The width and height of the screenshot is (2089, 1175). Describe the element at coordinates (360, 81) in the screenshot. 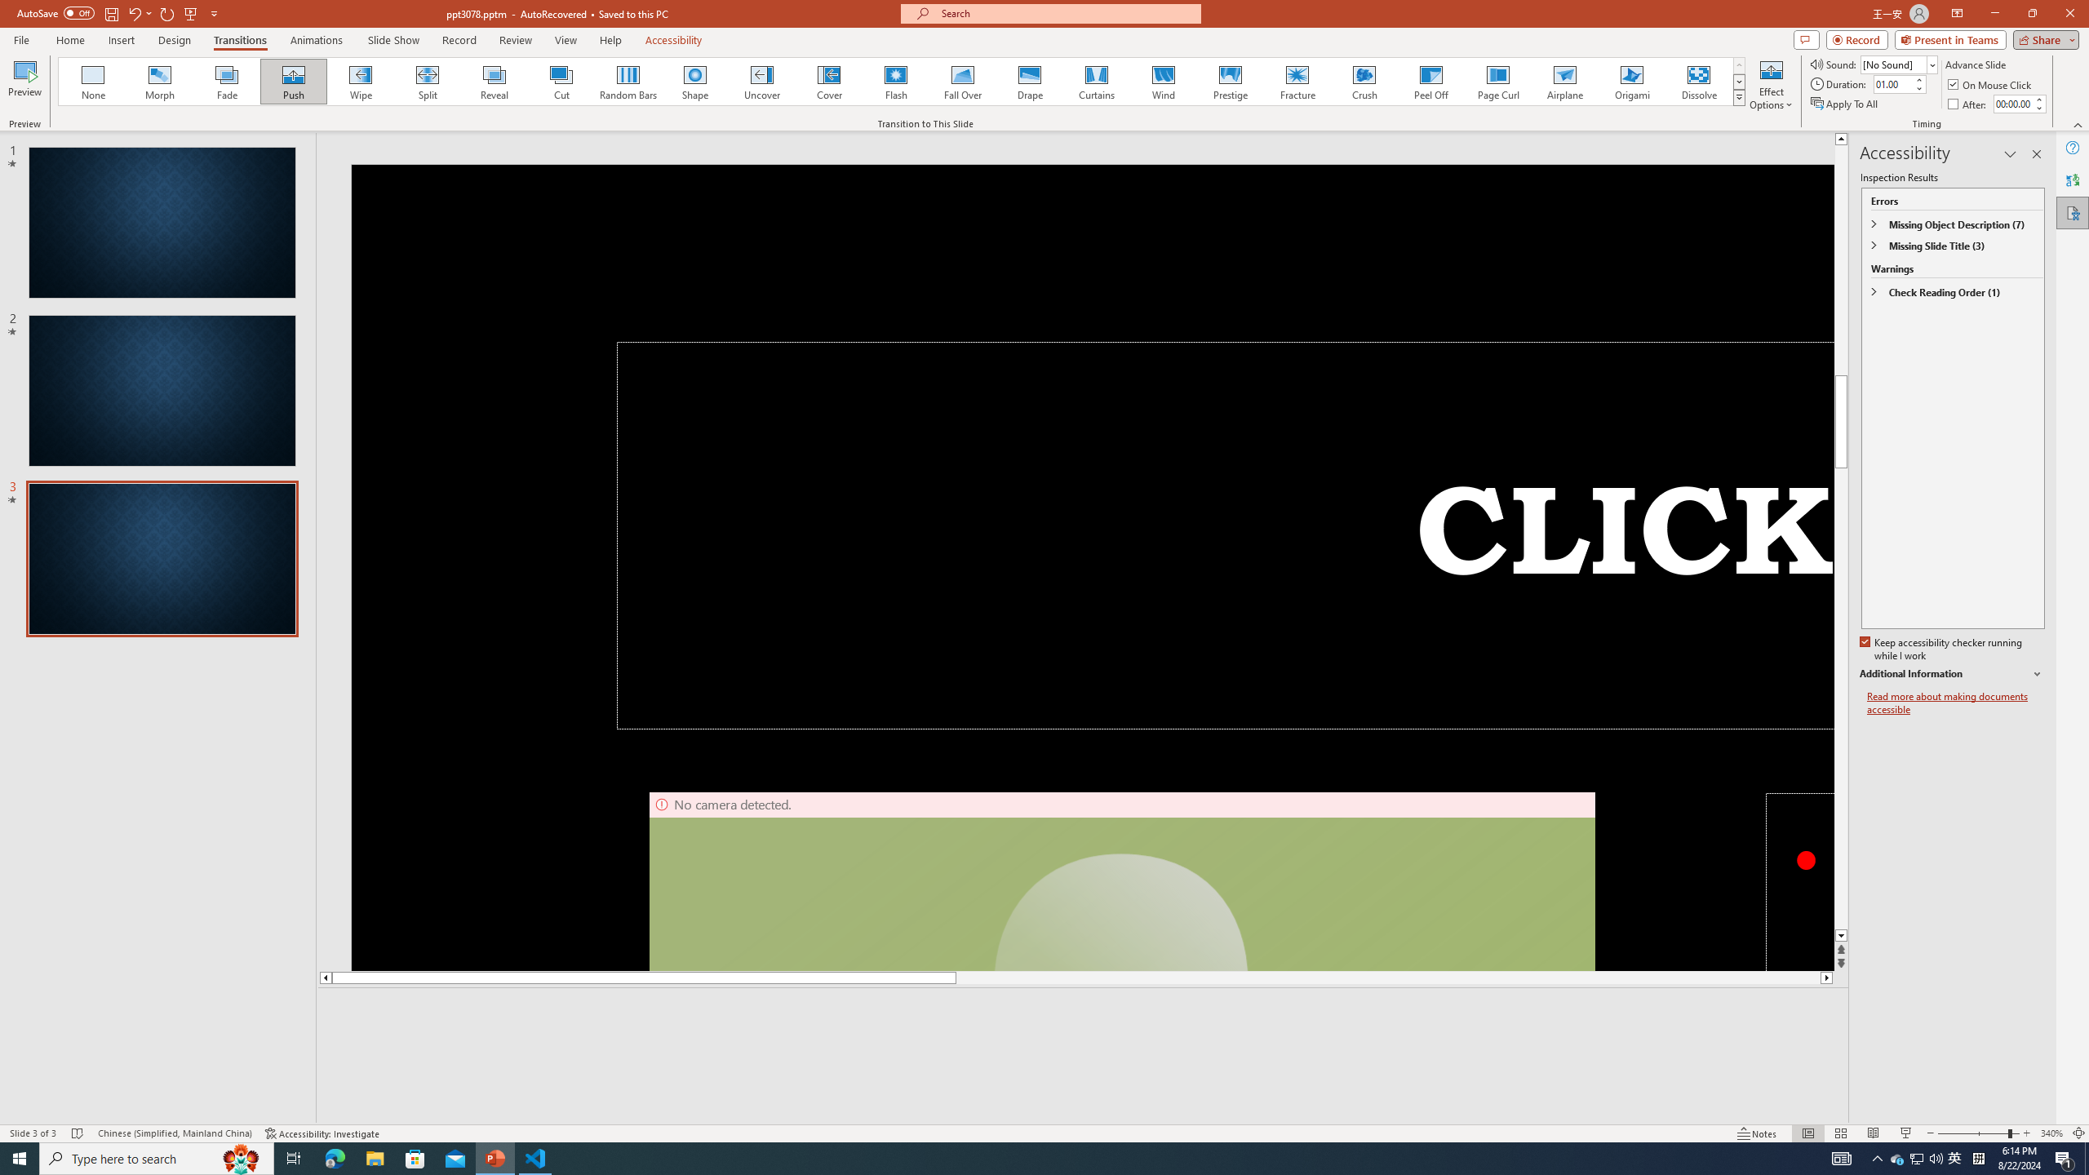

I see `'Wipe'` at that location.